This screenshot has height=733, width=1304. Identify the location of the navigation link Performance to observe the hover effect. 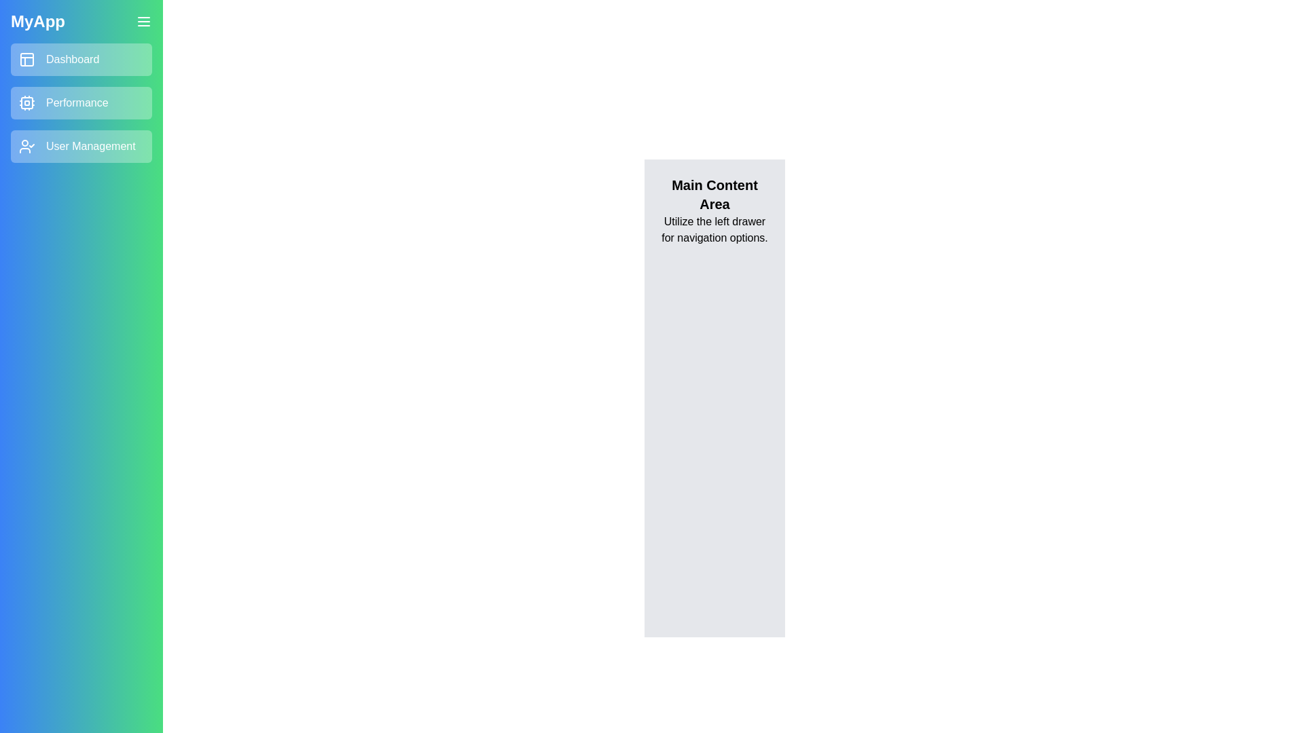
(81, 102).